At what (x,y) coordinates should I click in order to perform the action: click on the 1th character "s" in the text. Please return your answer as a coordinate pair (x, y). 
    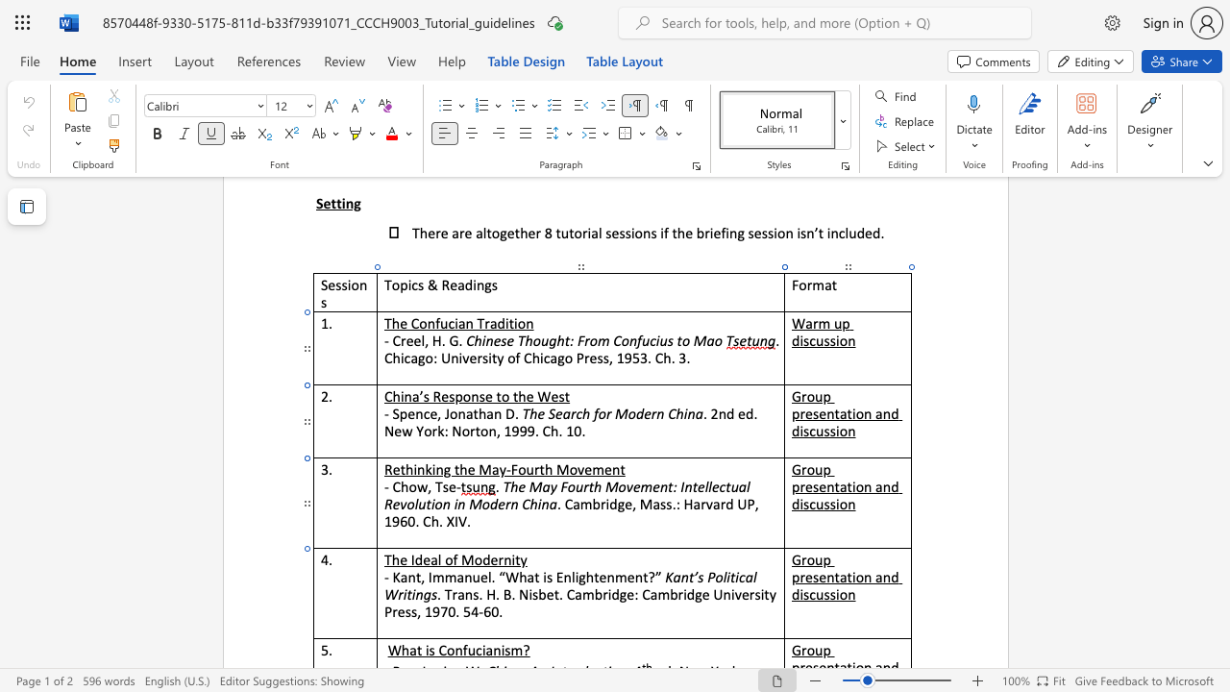
    Looking at the image, I should click on (444, 485).